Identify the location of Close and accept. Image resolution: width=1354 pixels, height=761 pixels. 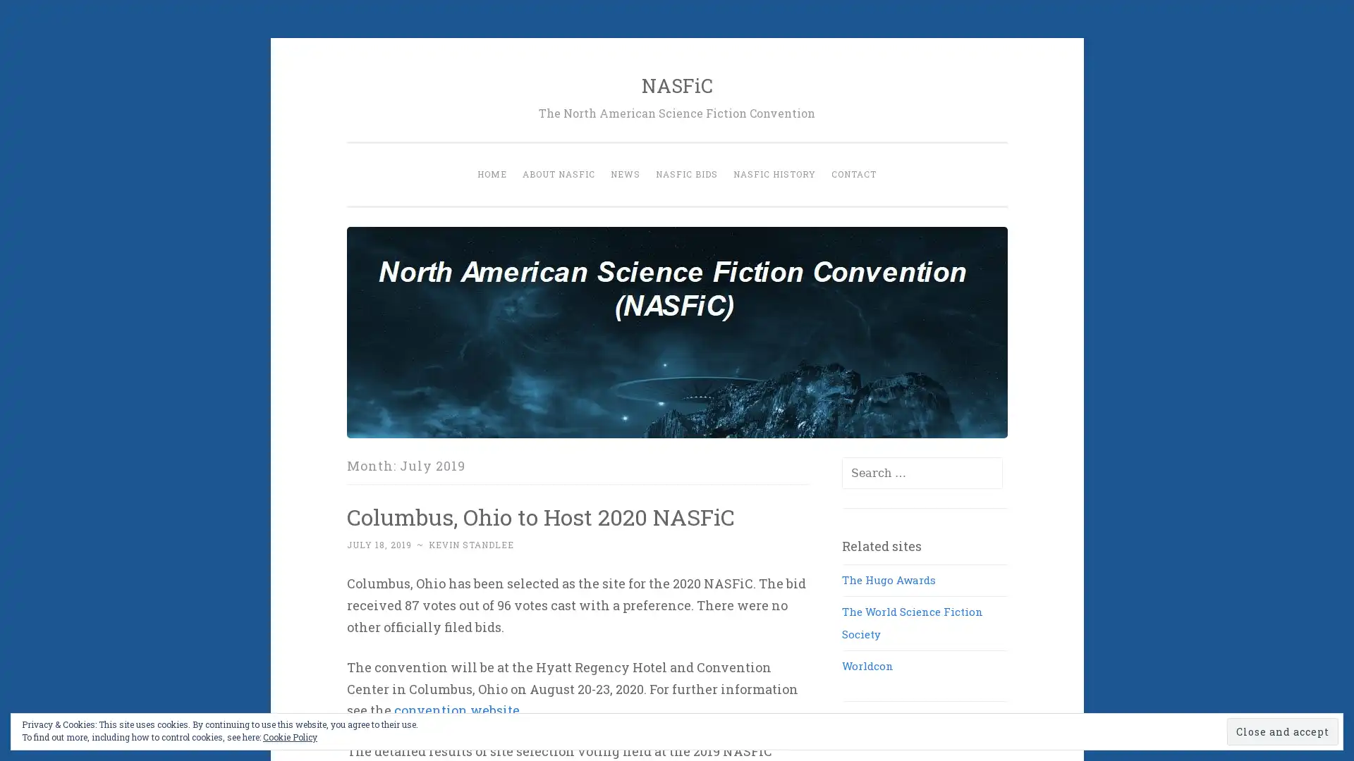
(1283, 731).